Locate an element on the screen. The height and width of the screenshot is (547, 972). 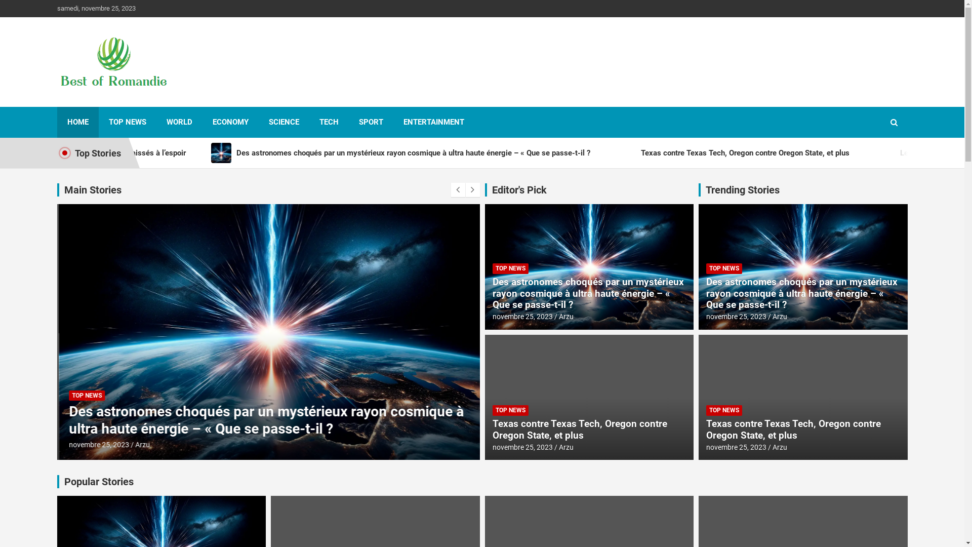
'Arzu' is located at coordinates (133, 444).